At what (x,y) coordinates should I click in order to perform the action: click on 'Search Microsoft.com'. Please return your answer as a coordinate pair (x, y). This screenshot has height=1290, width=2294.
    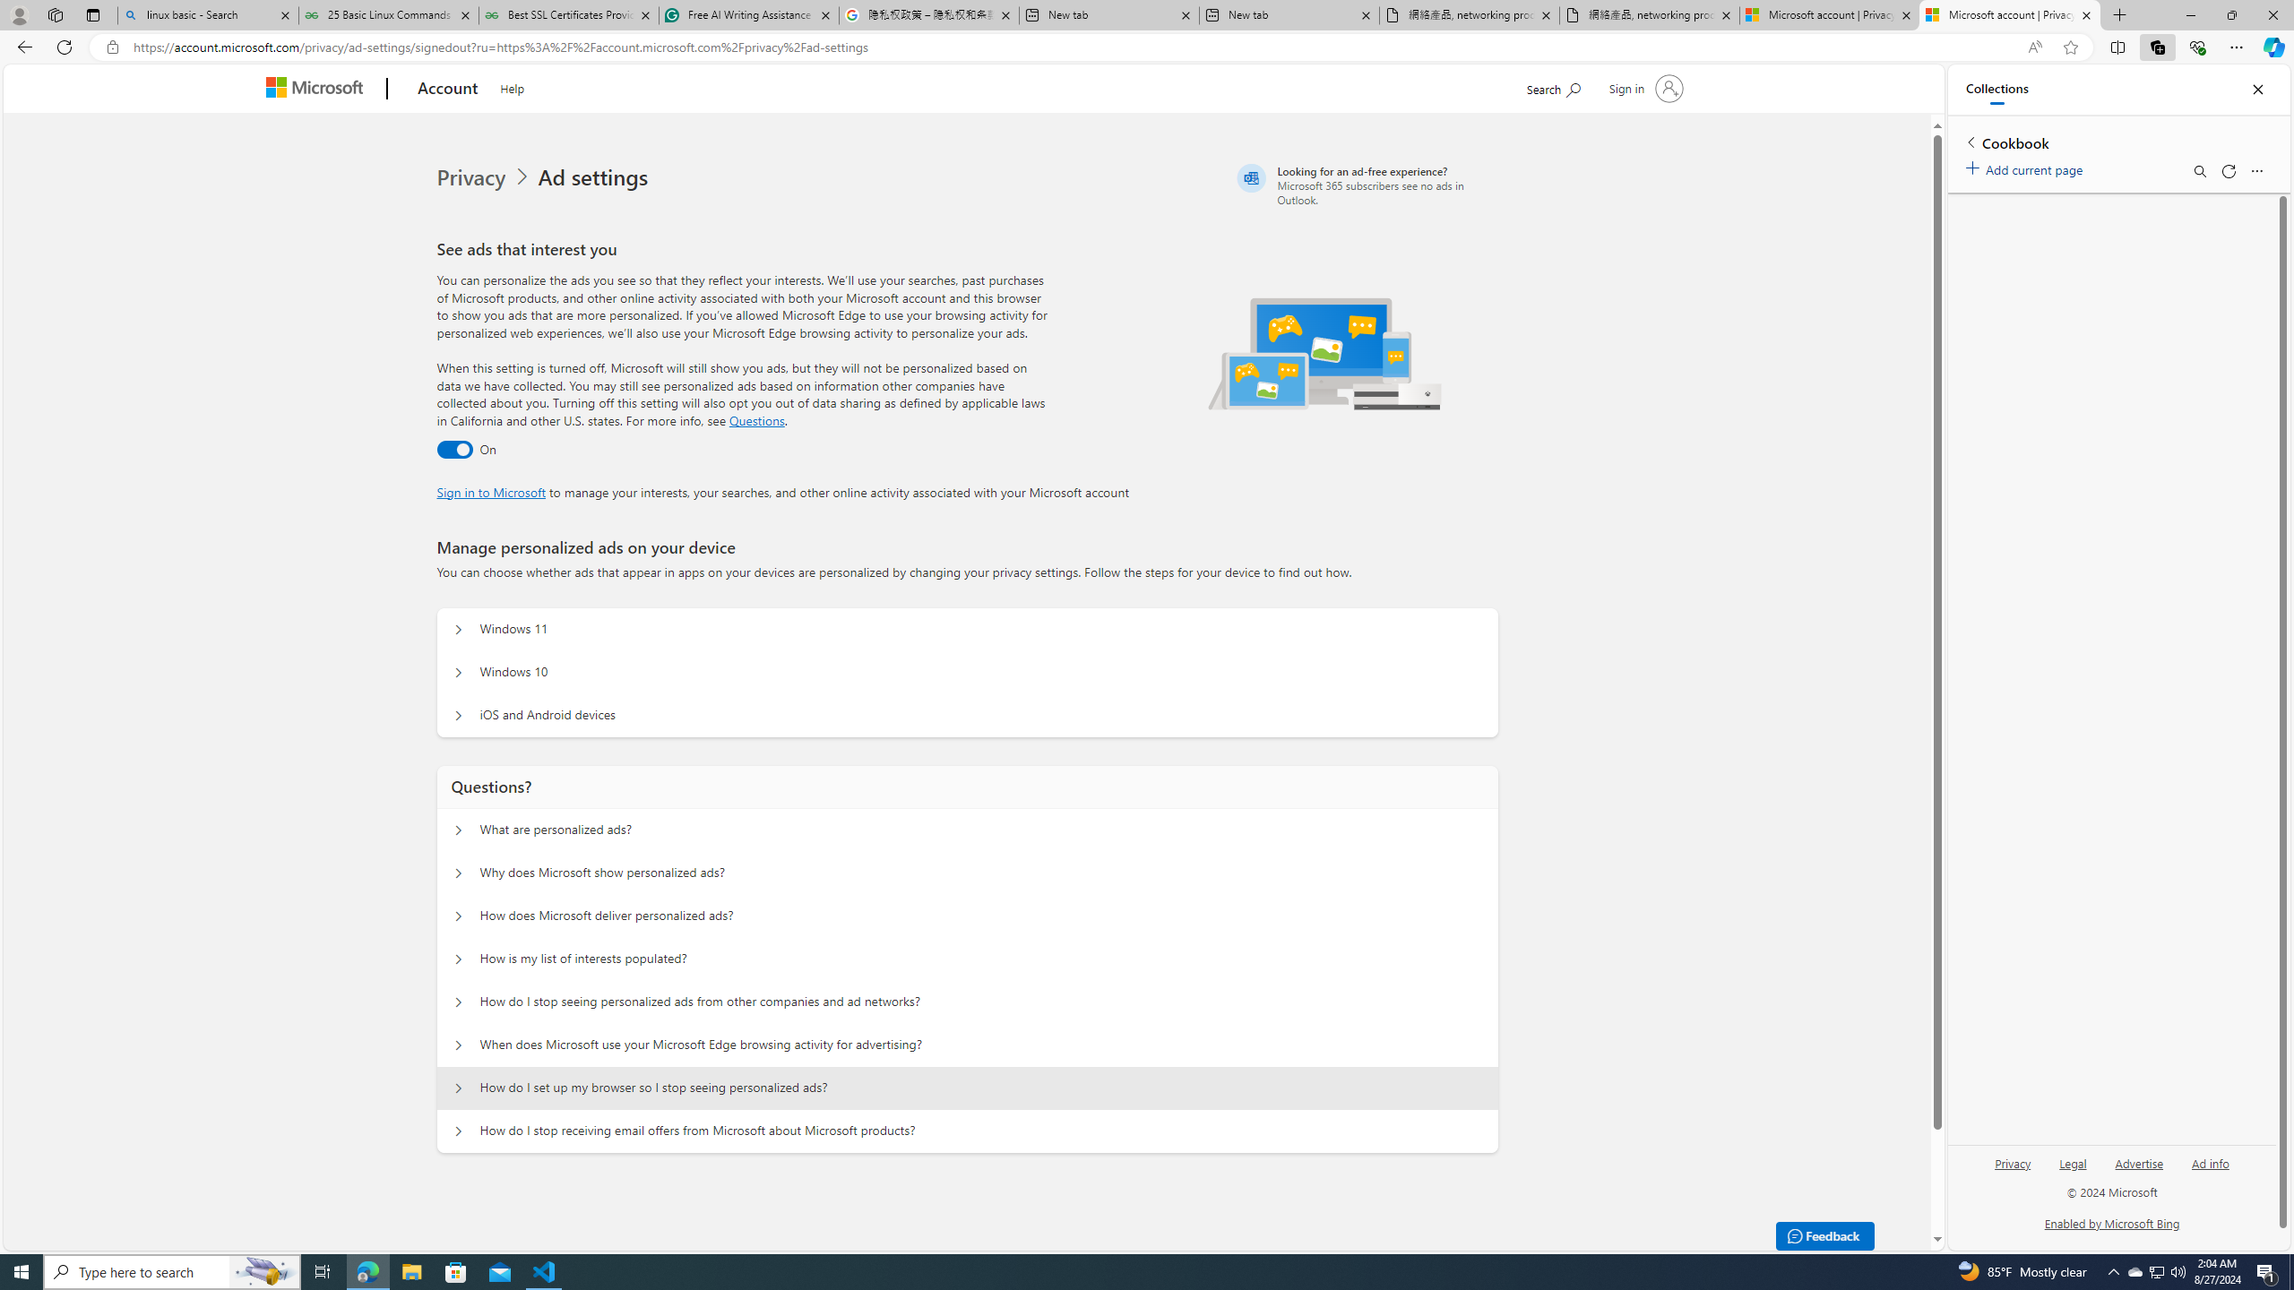
    Looking at the image, I should click on (1553, 86).